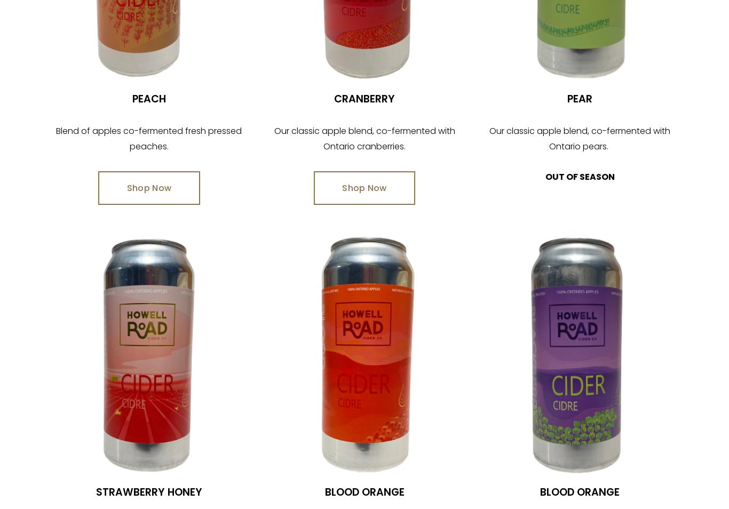  What do you see at coordinates (579, 98) in the screenshot?
I see `'PEAR'` at bounding box center [579, 98].